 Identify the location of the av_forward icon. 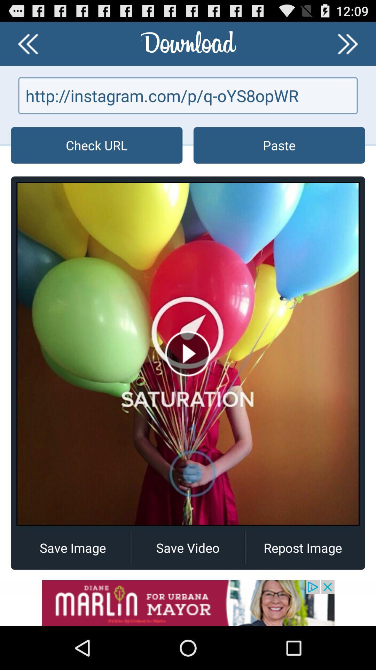
(348, 46).